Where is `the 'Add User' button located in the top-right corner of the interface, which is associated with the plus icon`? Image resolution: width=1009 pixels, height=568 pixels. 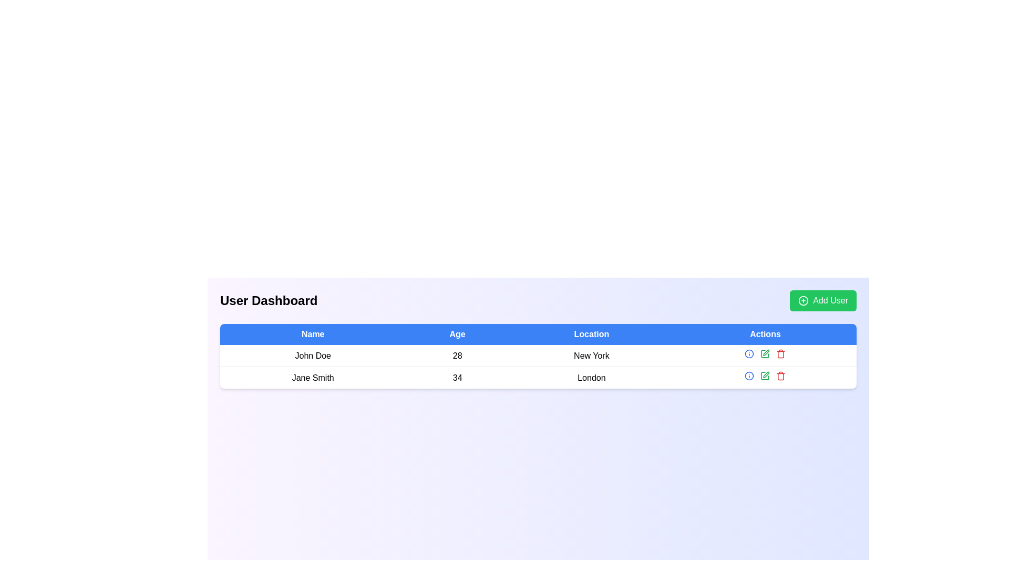 the 'Add User' button located in the top-right corner of the interface, which is associated with the plus icon is located at coordinates (803, 300).